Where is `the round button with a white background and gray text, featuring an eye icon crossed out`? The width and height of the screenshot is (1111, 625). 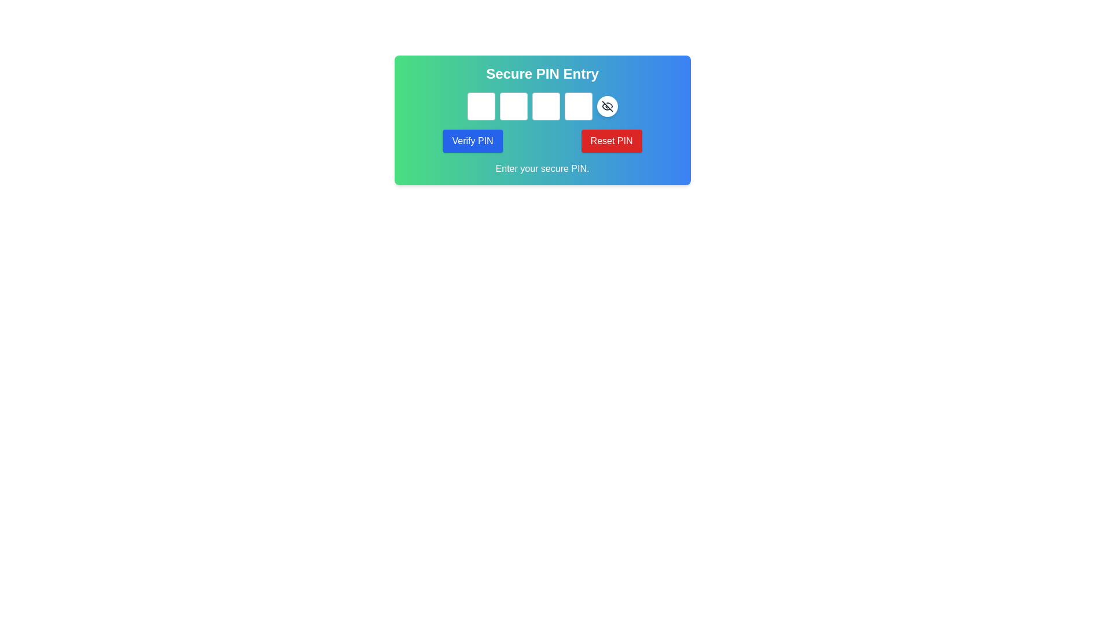
the round button with a white background and gray text, featuring an eye icon crossed out is located at coordinates (606, 106).